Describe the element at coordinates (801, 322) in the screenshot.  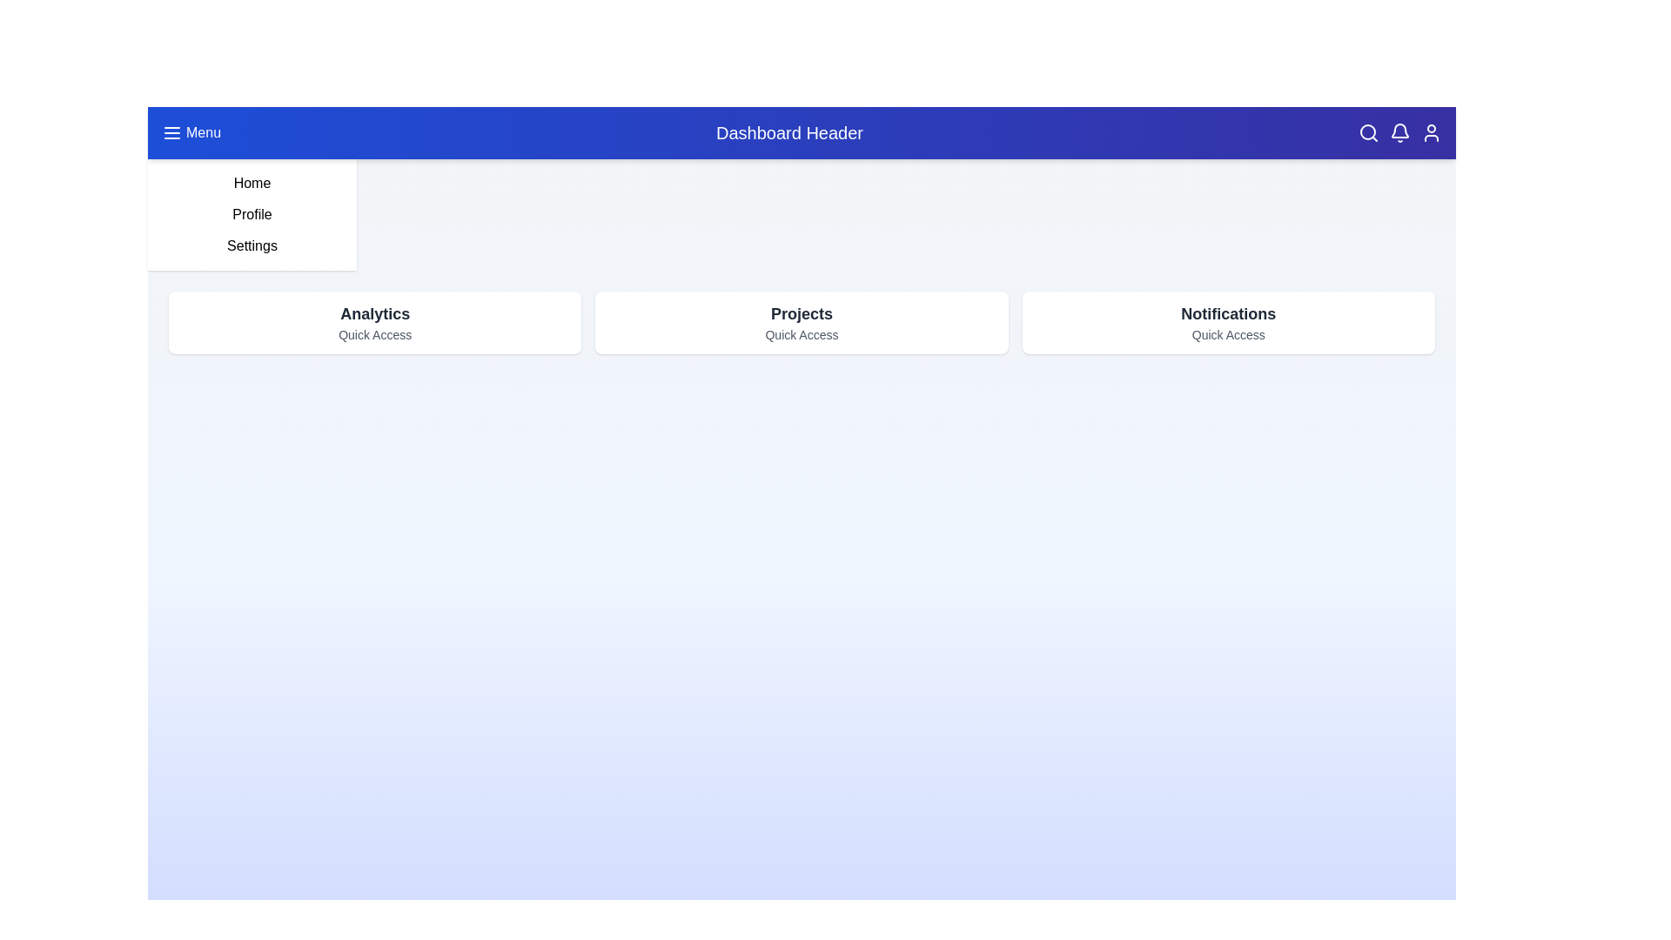
I see `the quick access card labeled Projects` at that location.